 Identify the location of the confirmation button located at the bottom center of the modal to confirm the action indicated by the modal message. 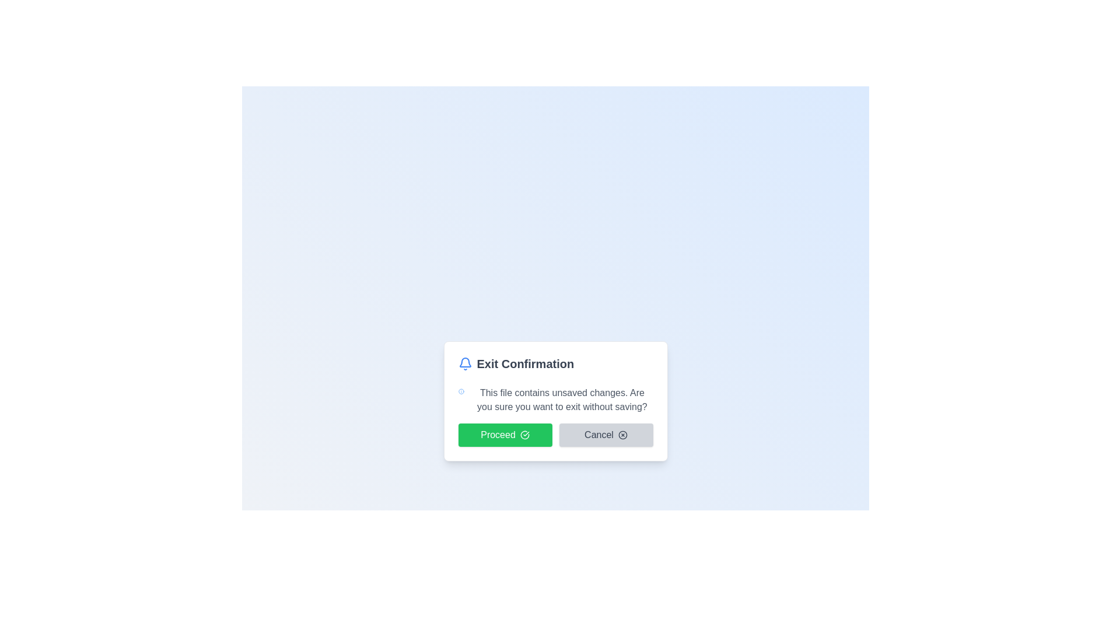
(505, 435).